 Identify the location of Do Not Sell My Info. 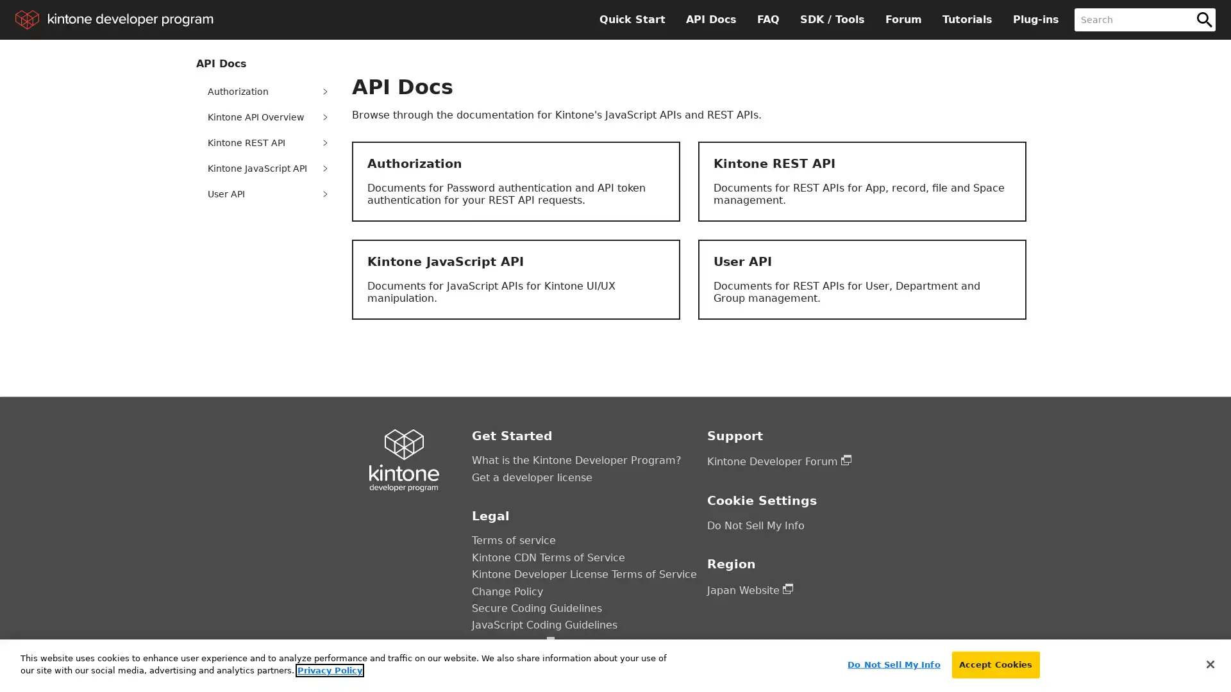
(755, 525).